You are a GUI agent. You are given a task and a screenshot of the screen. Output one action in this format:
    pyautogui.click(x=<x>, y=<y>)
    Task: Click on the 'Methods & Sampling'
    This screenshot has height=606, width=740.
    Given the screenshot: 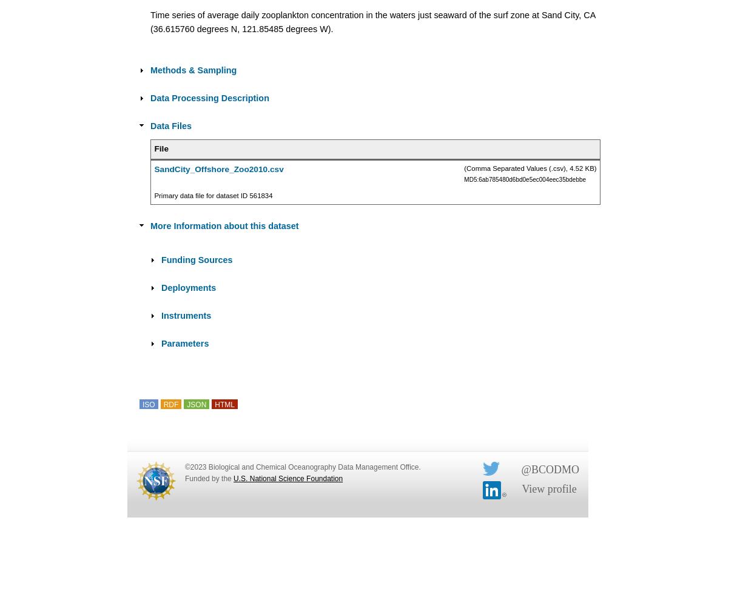 What is the action you would take?
    pyautogui.click(x=193, y=69)
    